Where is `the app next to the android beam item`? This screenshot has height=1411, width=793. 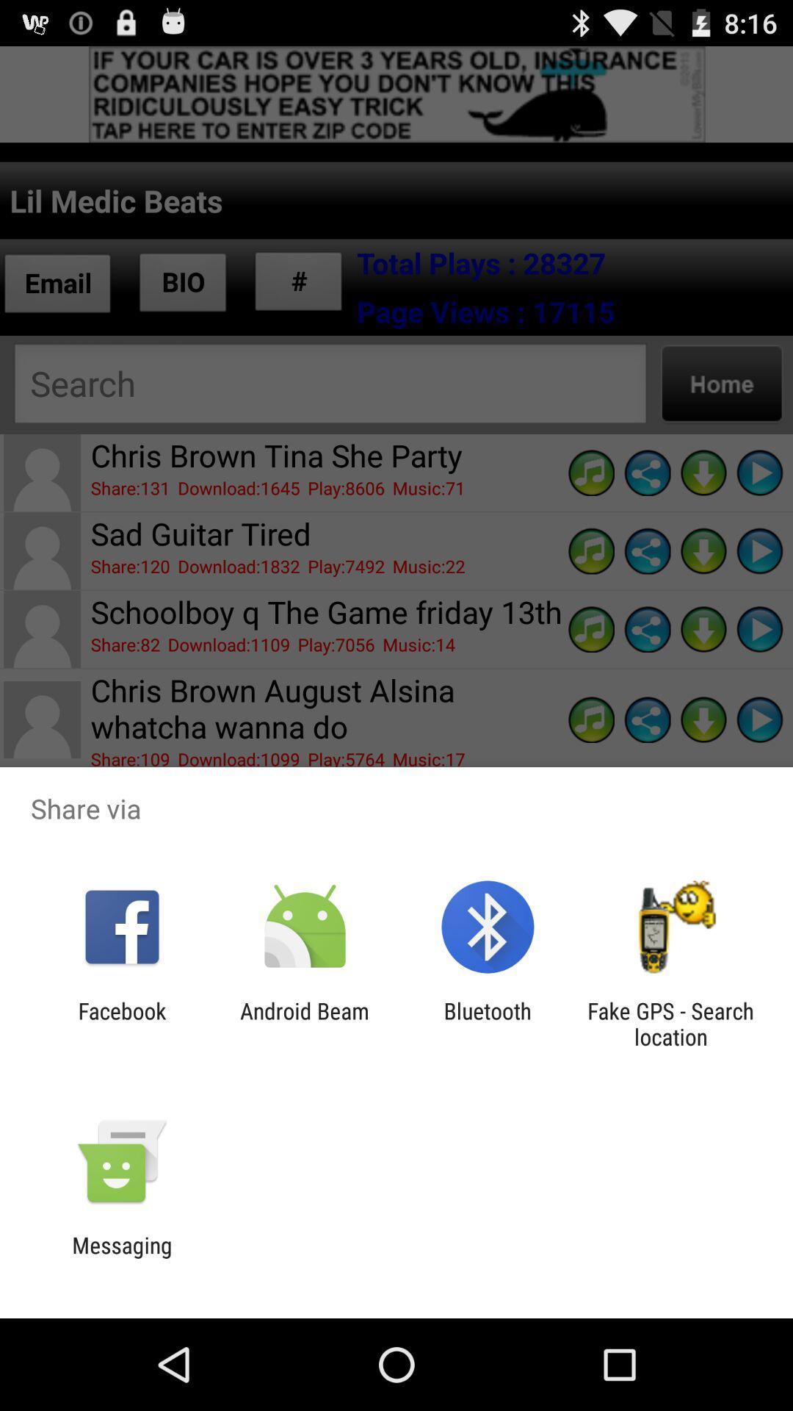
the app next to the android beam item is located at coordinates (488, 1023).